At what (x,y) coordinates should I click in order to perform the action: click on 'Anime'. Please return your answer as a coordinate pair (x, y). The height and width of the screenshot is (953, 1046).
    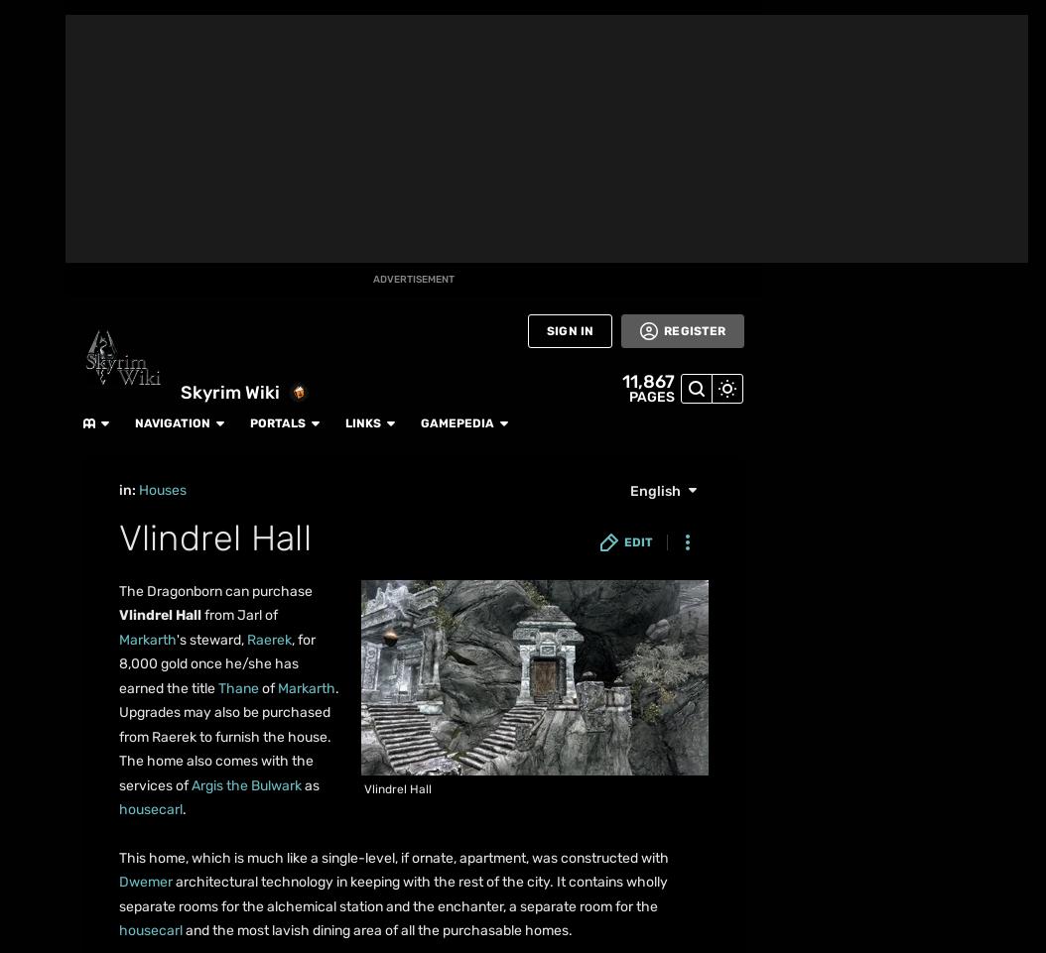
    Looking at the image, I should click on (16, 353).